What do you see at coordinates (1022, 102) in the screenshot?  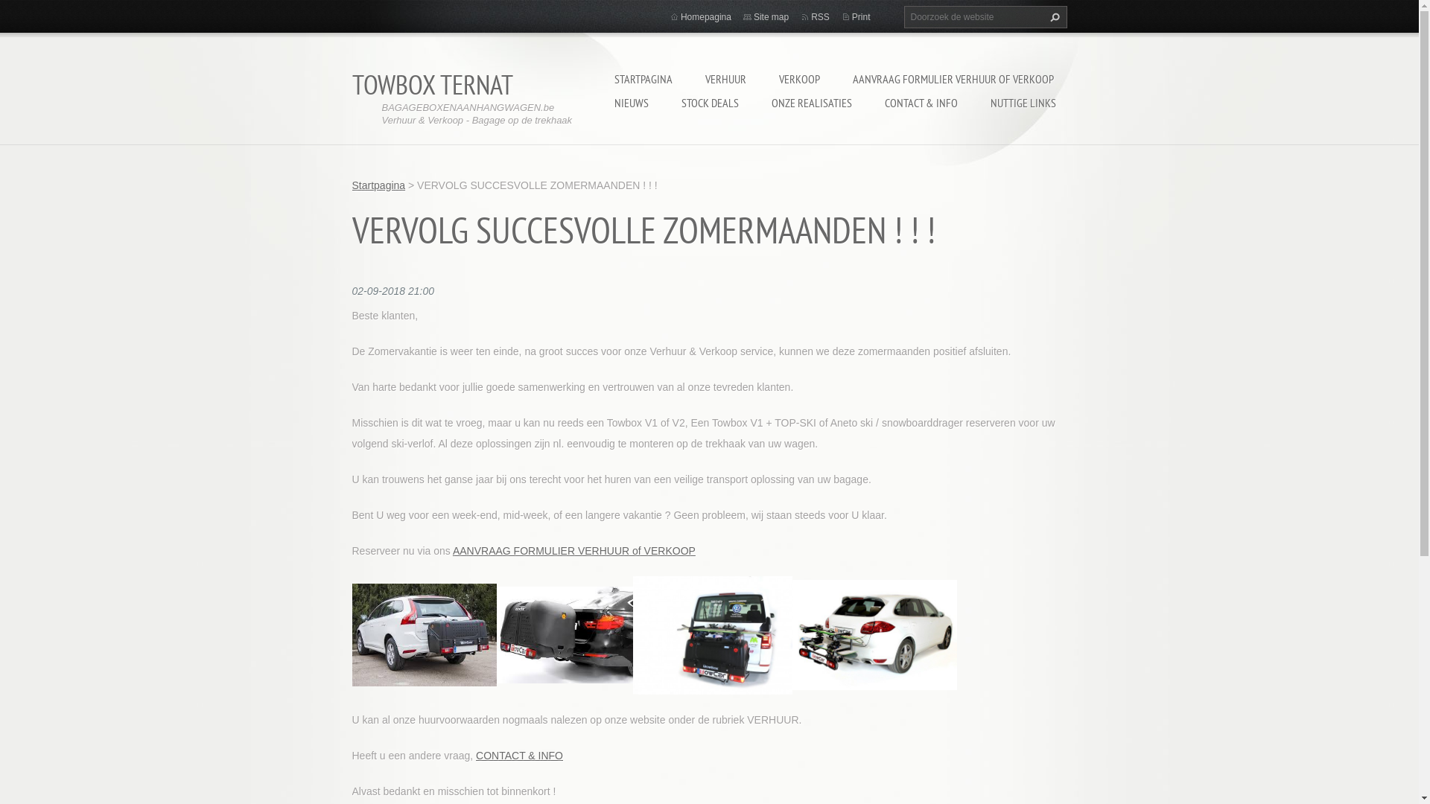 I see `'NUTTIGE LINKS'` at bounding box center [1022, 102].